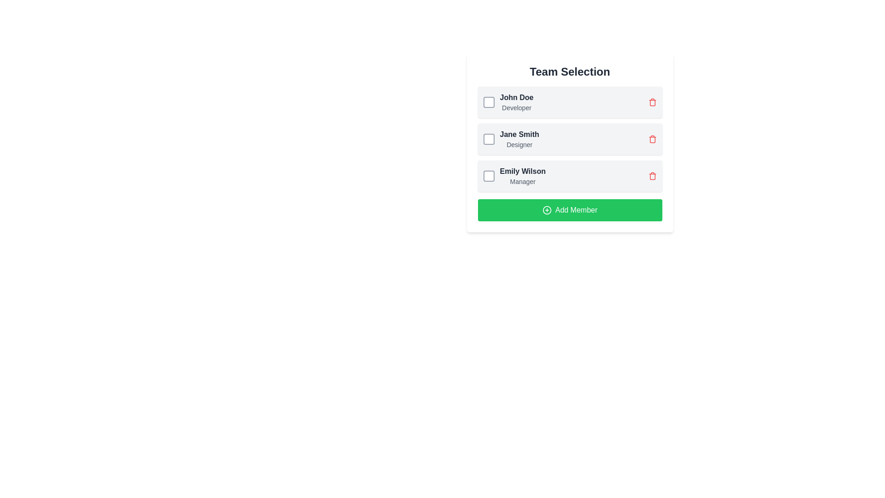 The image size is (885, 498). I want to click on the checkbox, so click(488, 139).